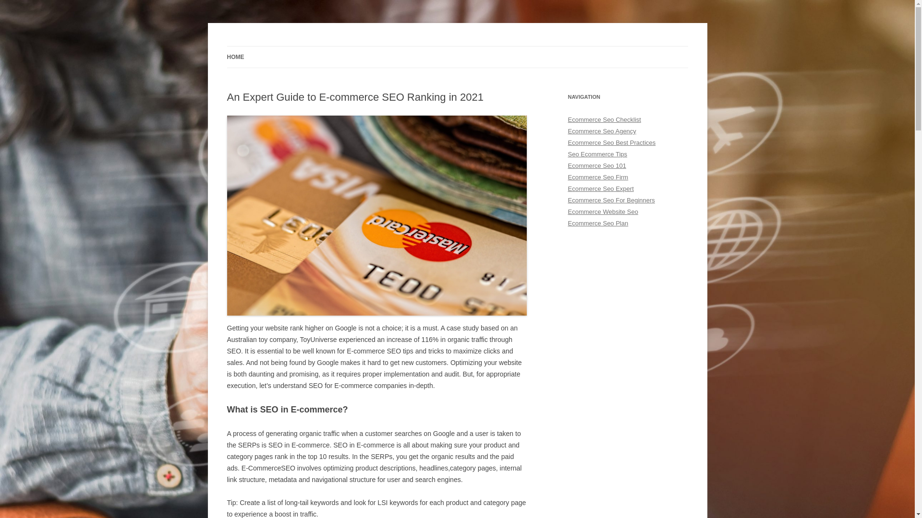 The width and height of the screenshot is (922, 518). Describe the element at coordinates (610, 200) in the screenshot. I see `'Ecommerce Seo For Beginners'` at that location.